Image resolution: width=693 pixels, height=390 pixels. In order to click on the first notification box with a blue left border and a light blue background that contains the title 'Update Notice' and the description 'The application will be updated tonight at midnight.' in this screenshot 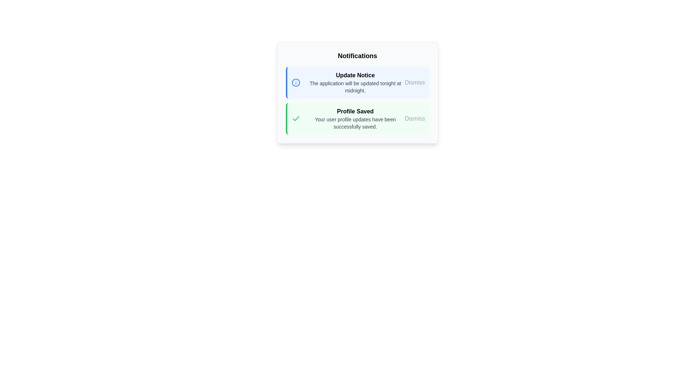, I will do `click(357, 82)`.